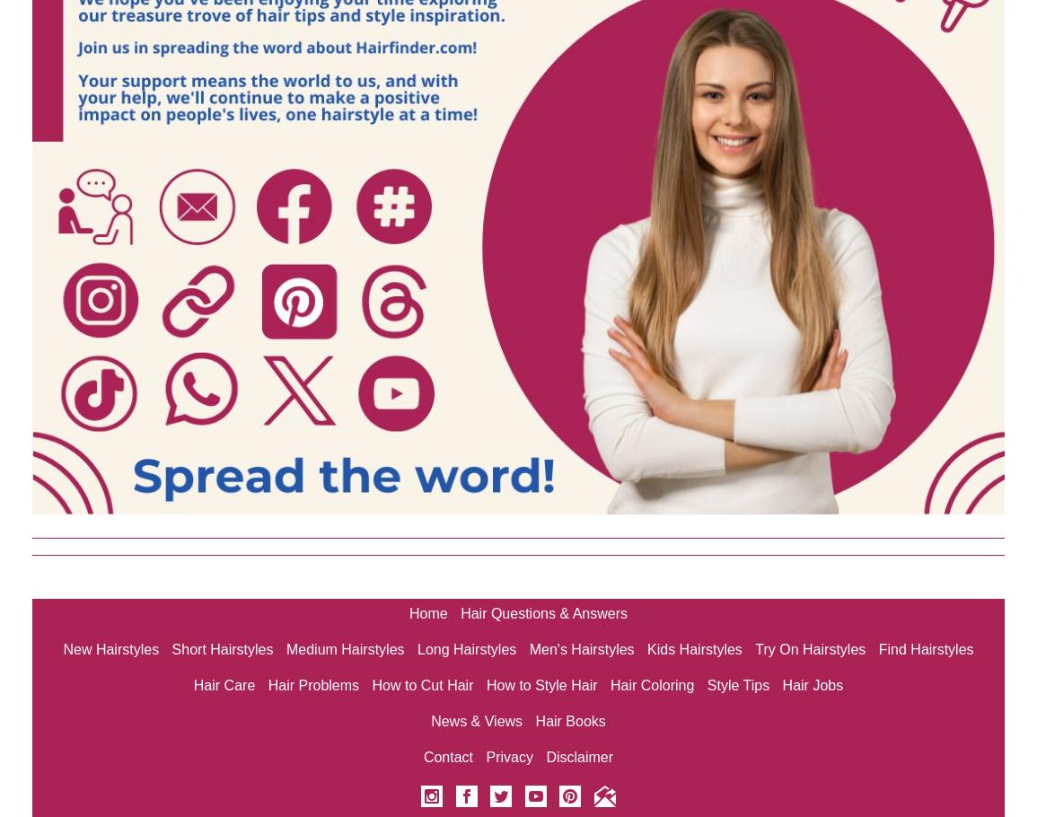 The height and width of the screenshot is (817, 1037). What do you see at coordinates (738, 685) in the screenshot?
I see `'Style Tips'` at bounding box center [738, 685].